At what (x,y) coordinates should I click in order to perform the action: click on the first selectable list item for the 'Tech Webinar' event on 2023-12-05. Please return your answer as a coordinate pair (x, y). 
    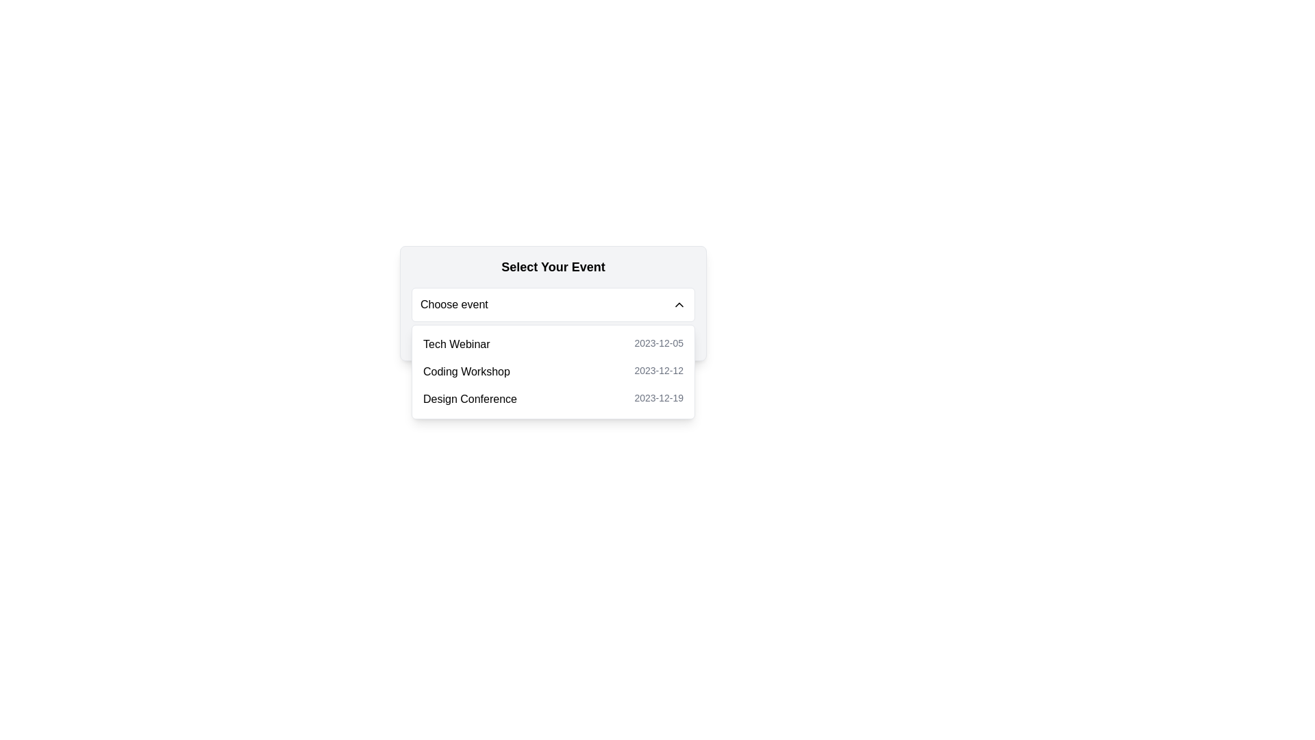
    Looking at the image, I should click on (553, 343).